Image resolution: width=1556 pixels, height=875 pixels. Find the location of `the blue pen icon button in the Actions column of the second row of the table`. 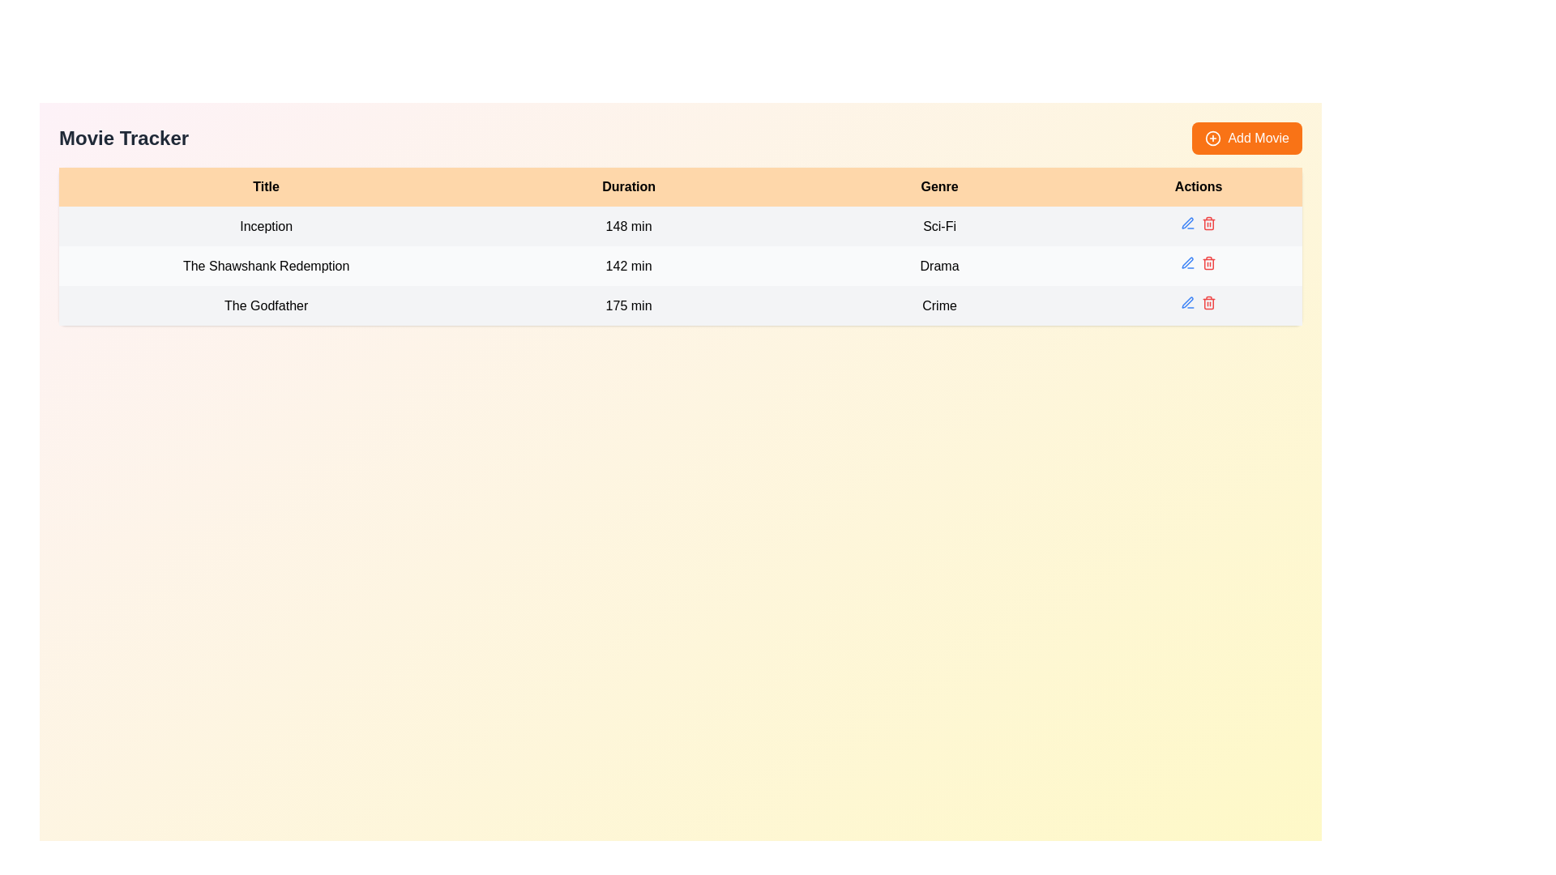

the blue pen icon button in the Actions column of the second row of the table is located at coordinates (1188, 262).